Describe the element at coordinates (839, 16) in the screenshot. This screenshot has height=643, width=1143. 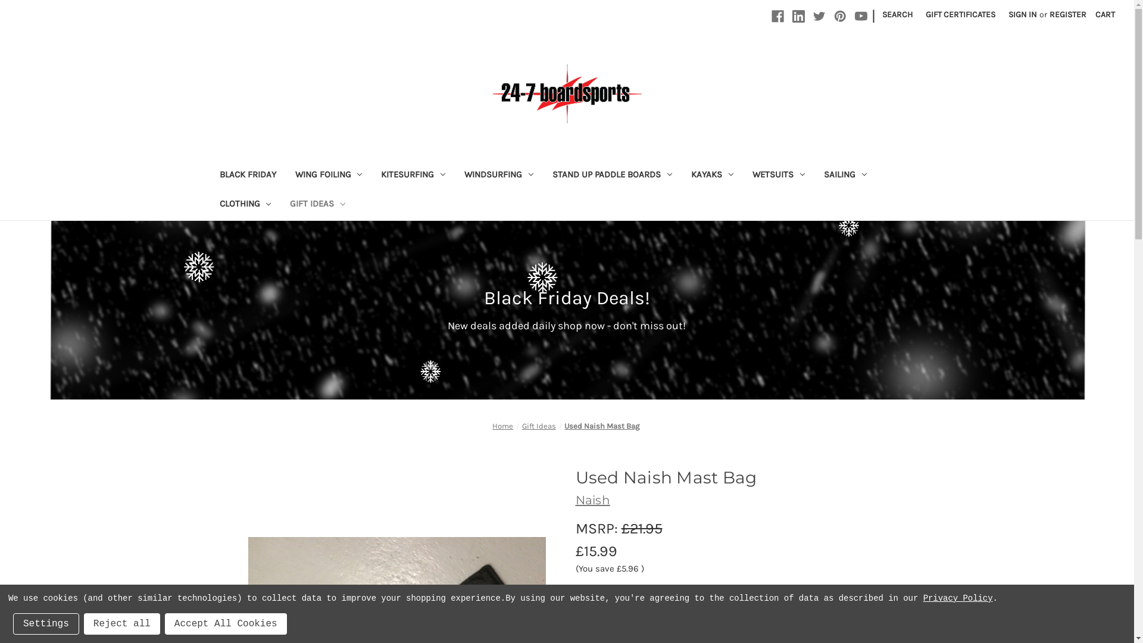
I see `'Pinterest'` at that location.